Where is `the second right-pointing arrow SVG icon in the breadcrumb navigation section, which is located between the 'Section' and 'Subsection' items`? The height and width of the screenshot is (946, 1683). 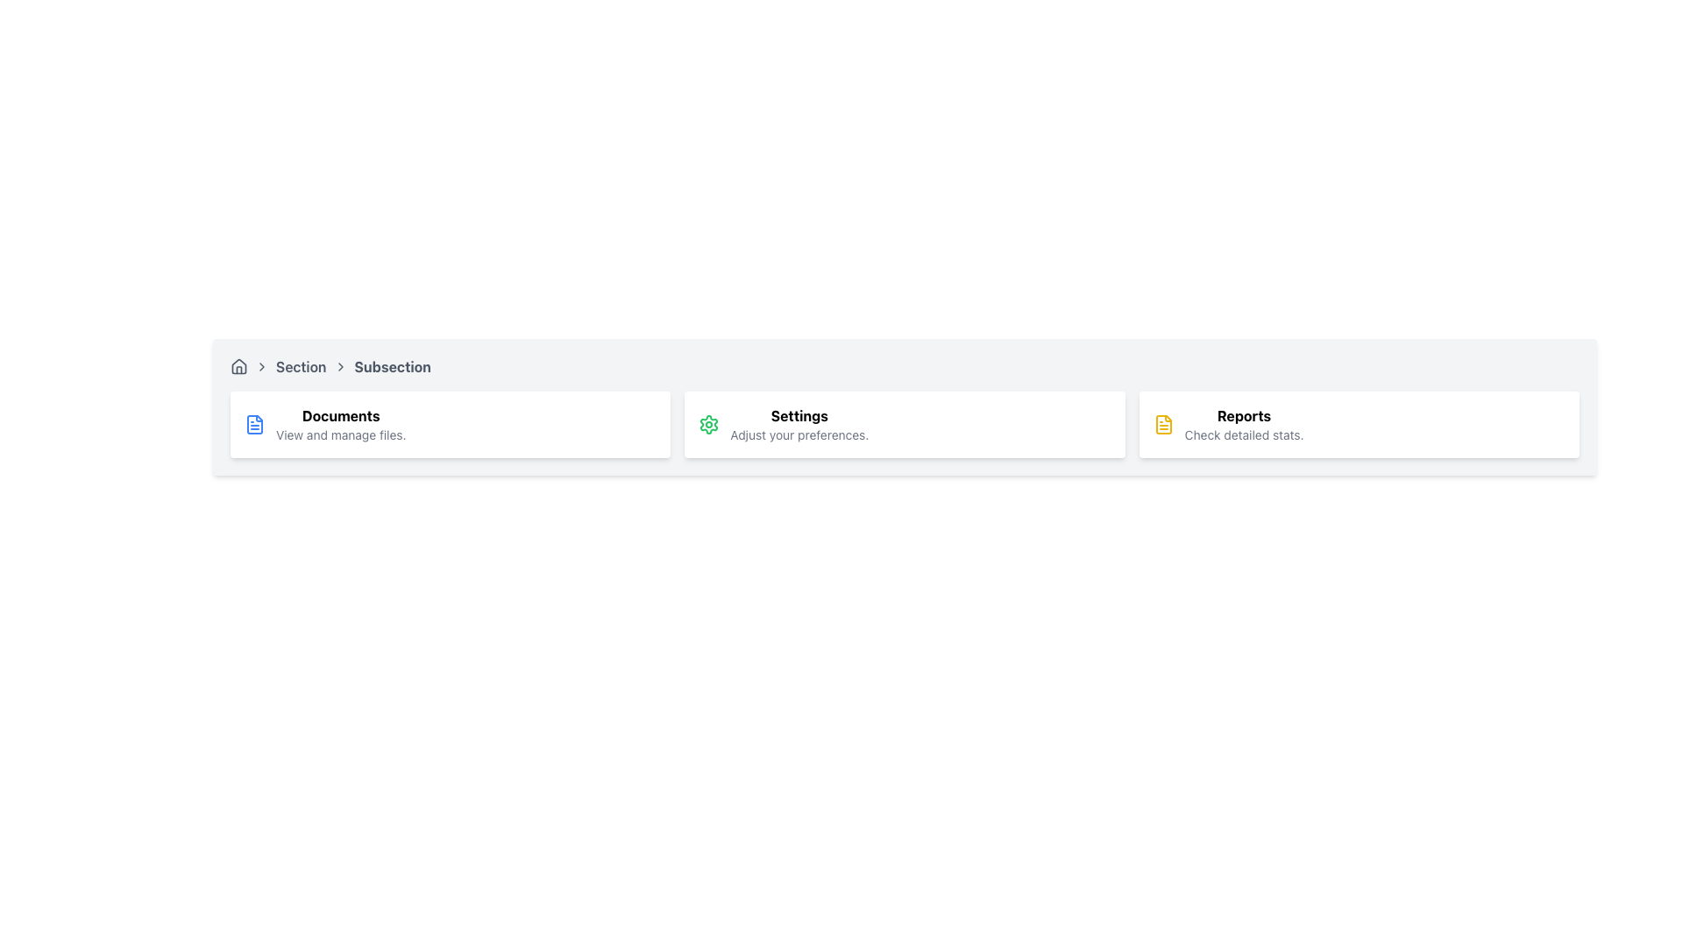 the second right-pointing arrow SVG icon in the breadcrumb navigation section, which is located between the 'Section' and 'Subsection' items is located at coordinates (340, 366).